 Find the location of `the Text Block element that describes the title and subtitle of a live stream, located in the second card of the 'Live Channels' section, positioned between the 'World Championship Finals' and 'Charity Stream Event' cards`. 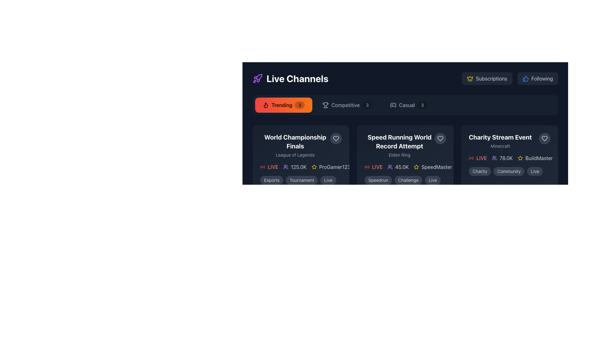

the Text Block element that describes the title and subtitle of a live stream, located in the second card of the 'Live Channels' section, positioned between the 'World Championship Finals' and 'Charity Stream Event' cards is located at coordinates (405, 146).